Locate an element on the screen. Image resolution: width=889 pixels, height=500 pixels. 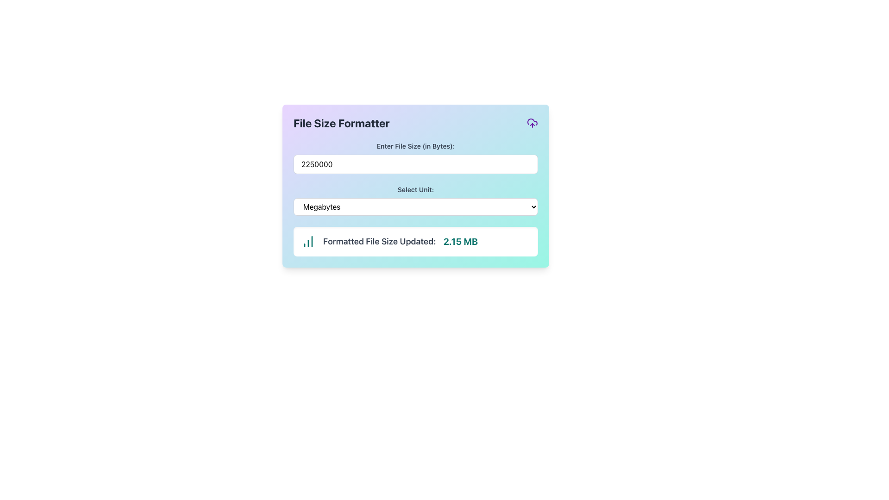
the dropdown selection box labeled 'Select Unit:' is located at coordinates (415, 206).